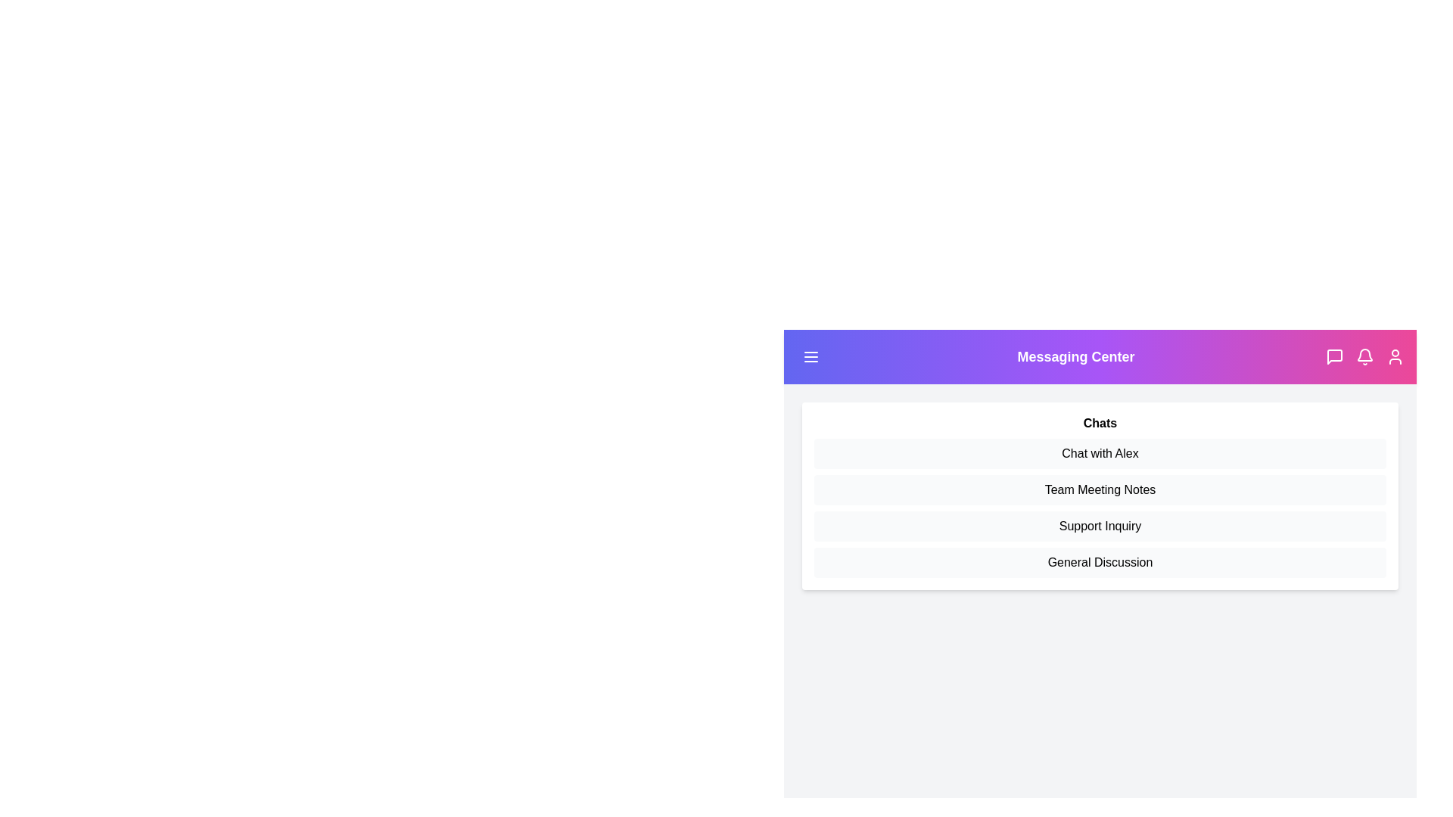 The height and width of the screenshot is (817, 1453). What do you see at coordinates (1100, 563) in the screenshot?
I see `the 'General Discussion' list item` at bounding box center [1100, 563].